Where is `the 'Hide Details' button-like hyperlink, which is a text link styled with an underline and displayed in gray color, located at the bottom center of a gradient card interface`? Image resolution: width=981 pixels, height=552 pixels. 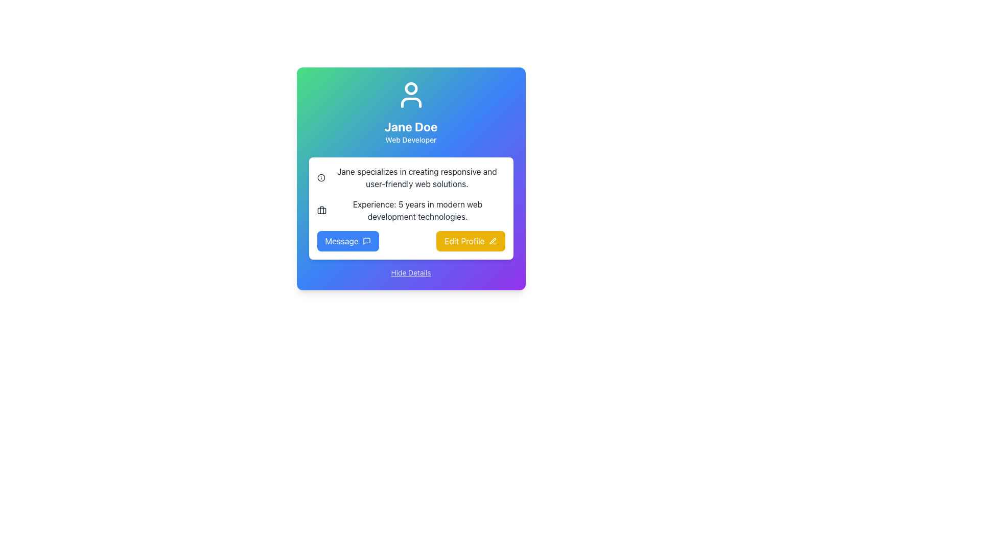 the 'Hide Details' button-like hyperlink, which is a text link styled with an underline and displayed in gray color, located at the bottom center of a gradient card interface is located at coordinates (411, 272).